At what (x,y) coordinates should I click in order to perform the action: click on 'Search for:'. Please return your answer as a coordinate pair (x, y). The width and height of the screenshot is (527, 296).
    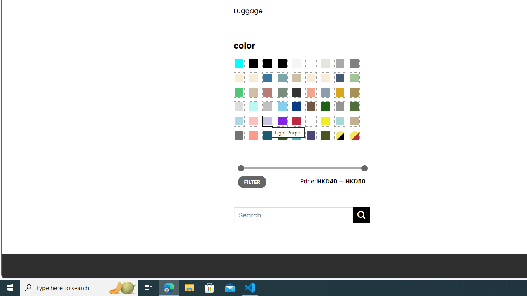
    Looking at the image, I should click on (293, 215).